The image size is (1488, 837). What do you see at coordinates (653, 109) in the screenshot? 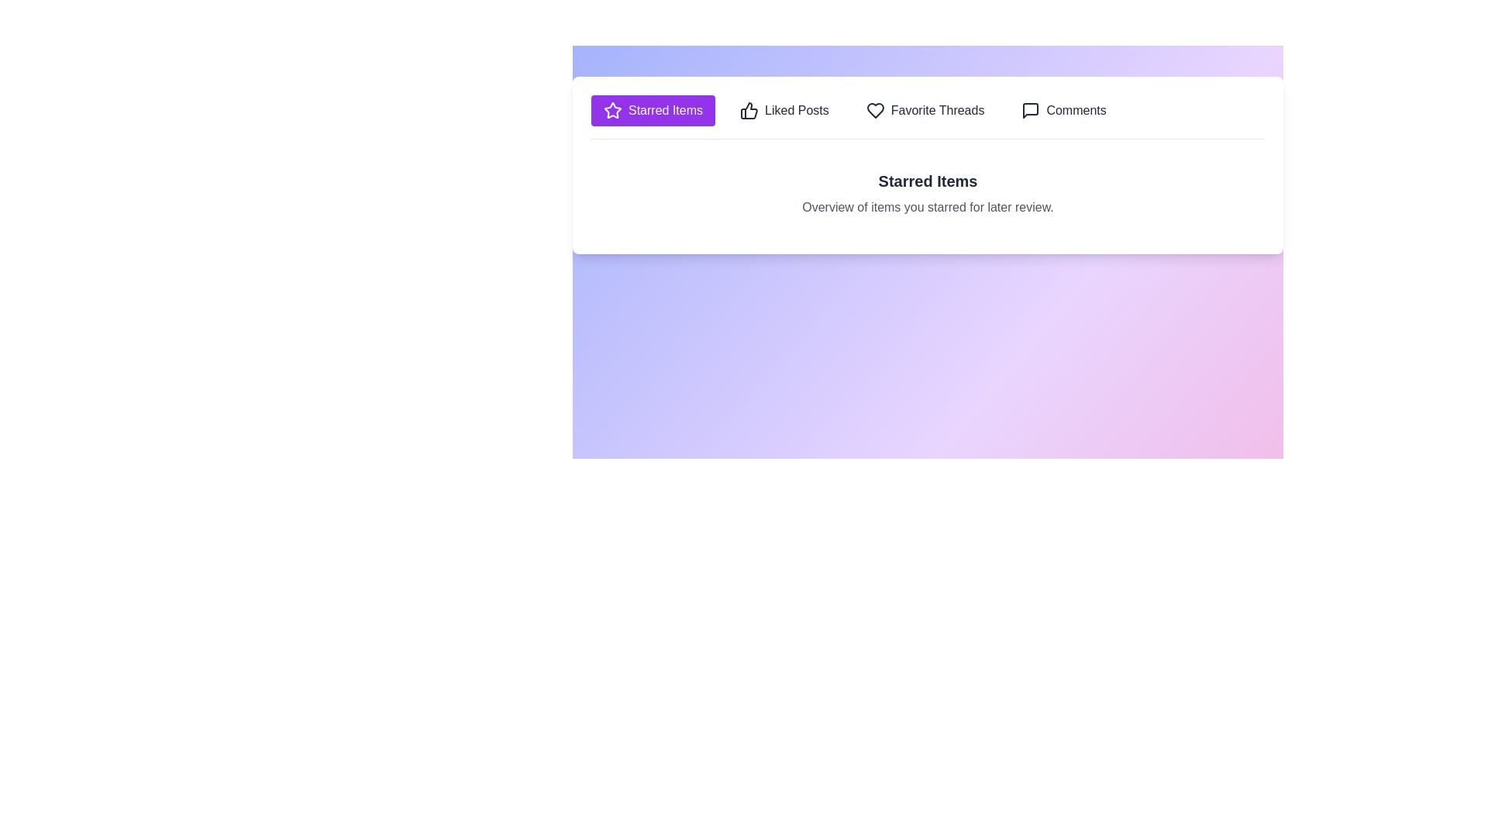
I see `the tab labeled Starred Items` at bounding box center [653, 109].